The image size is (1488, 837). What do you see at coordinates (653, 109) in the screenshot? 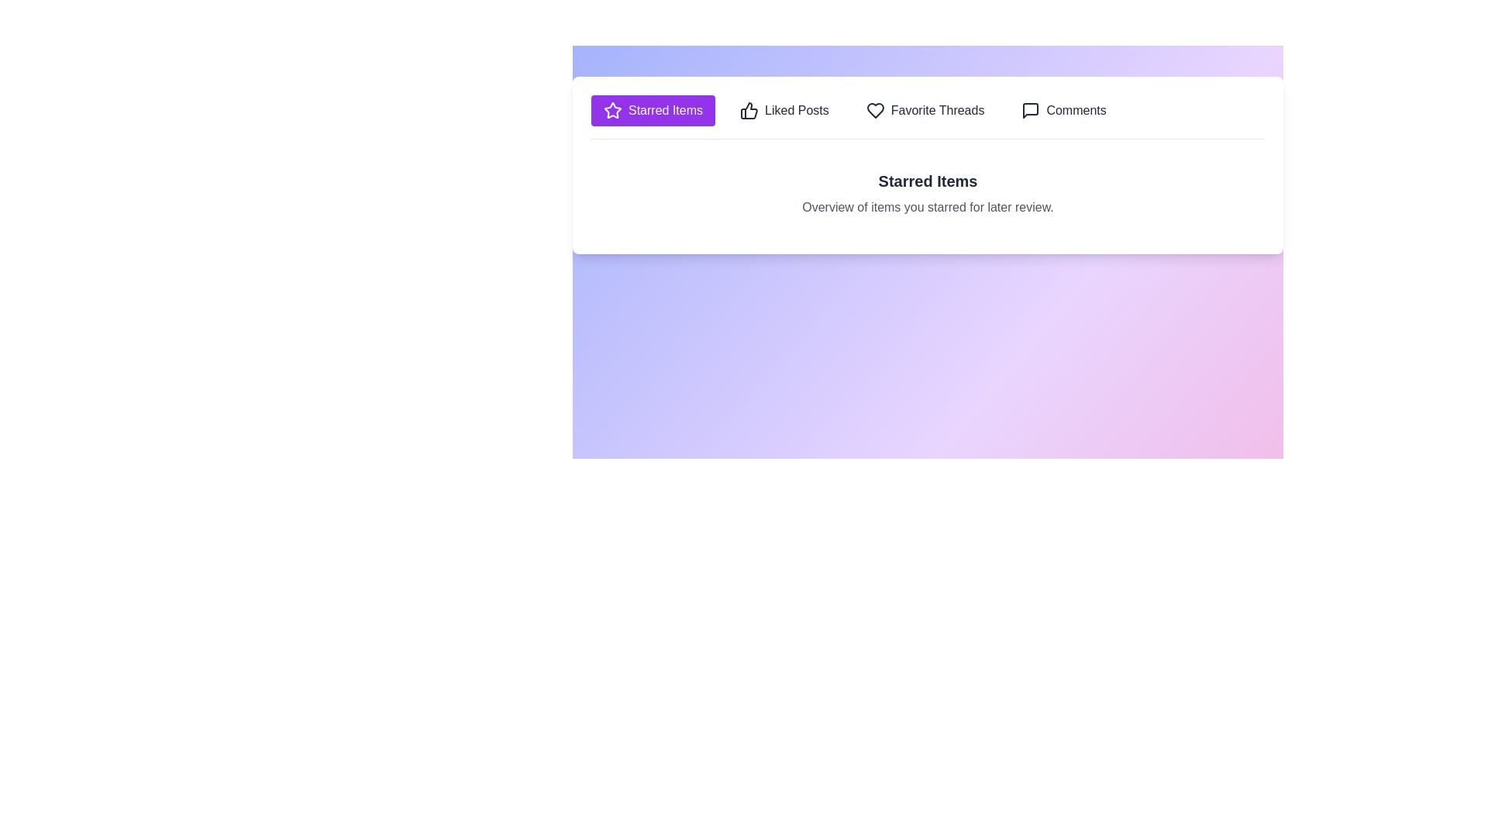
I see `the tab labeled Starred Items` at bounding box center [653, 109].